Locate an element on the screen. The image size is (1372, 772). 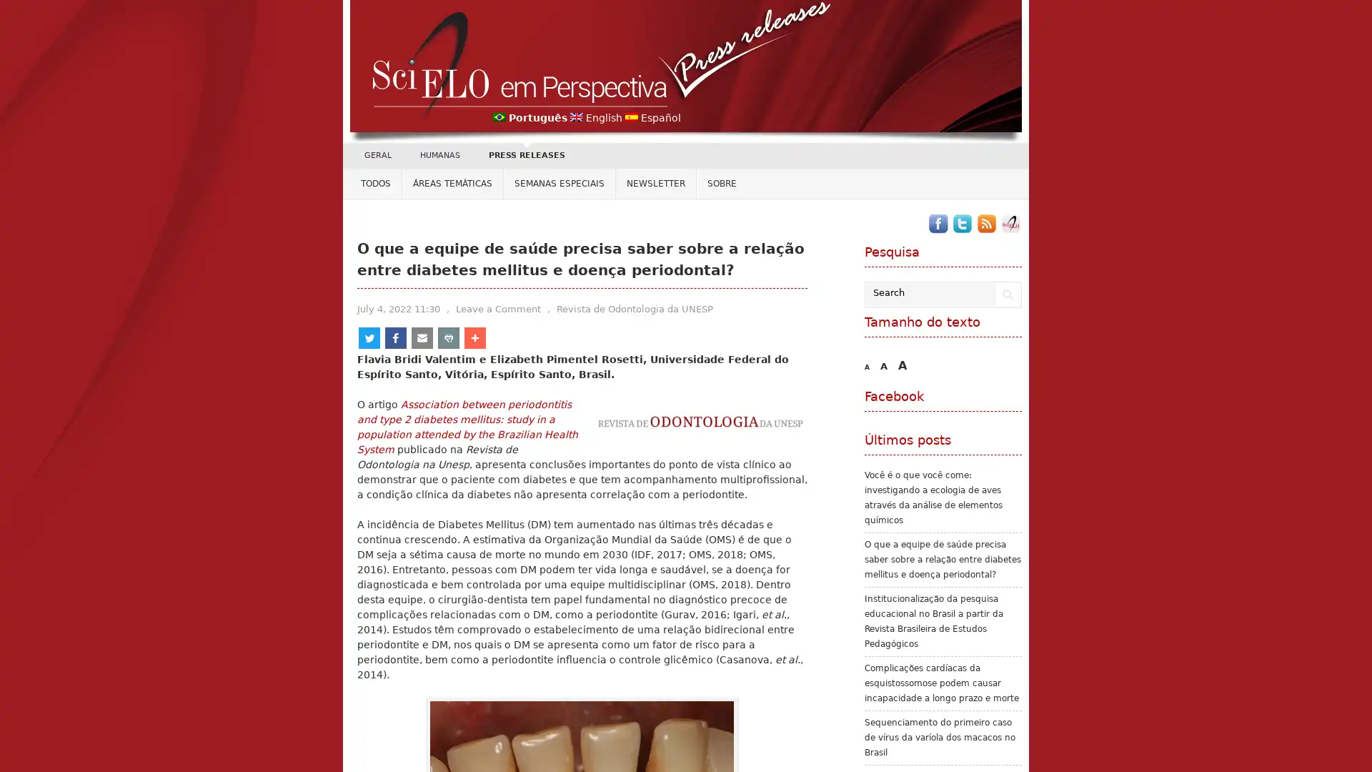
Share to Twitter Twitter is located at coordinates (389, 338).